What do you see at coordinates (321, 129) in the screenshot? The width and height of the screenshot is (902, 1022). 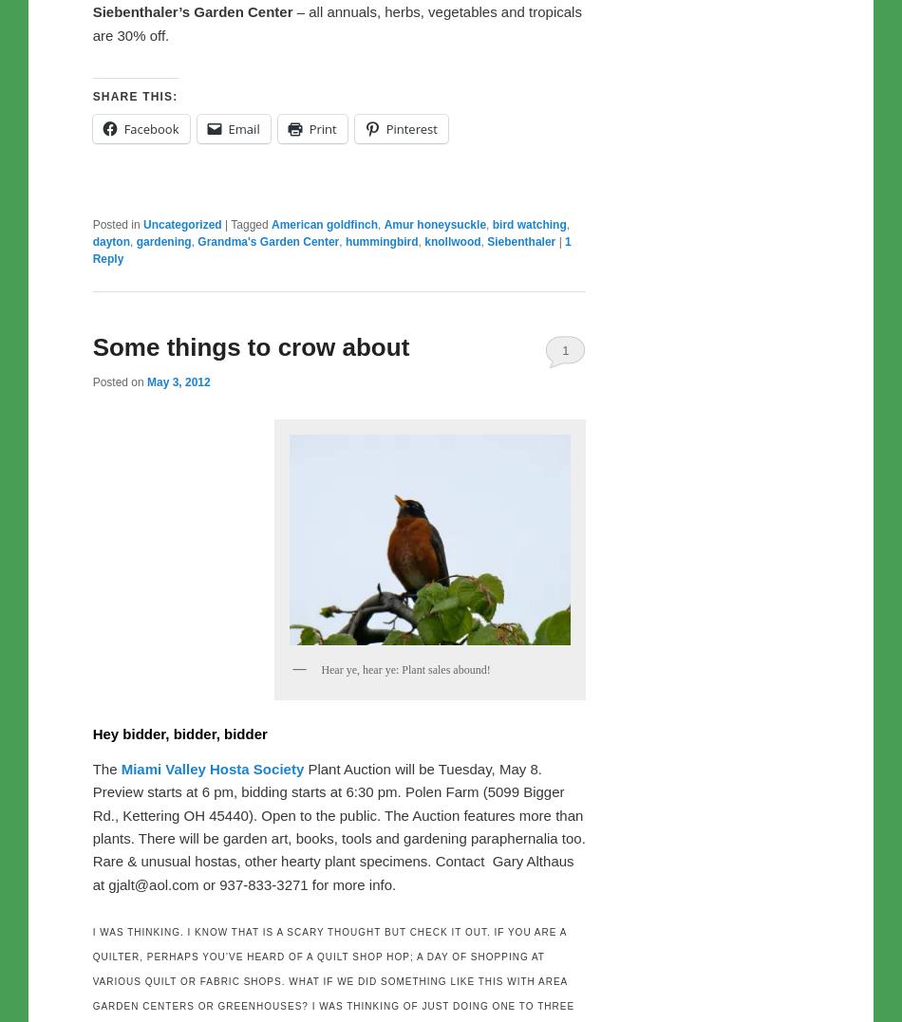 I see `'Print'` at bounding box center [321, 129].